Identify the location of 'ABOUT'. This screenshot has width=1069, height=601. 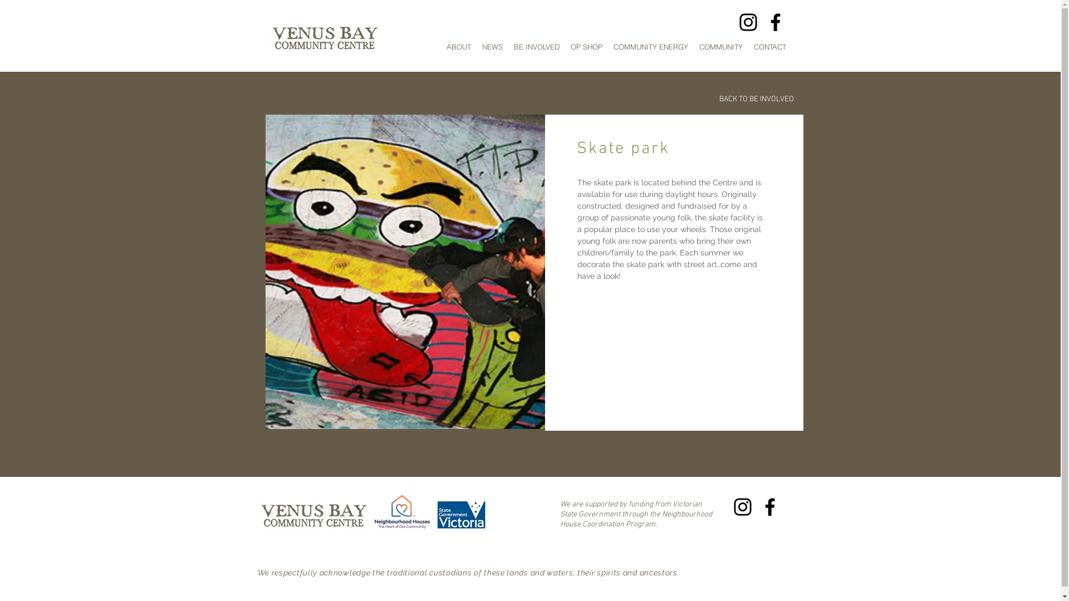
(459, 46).